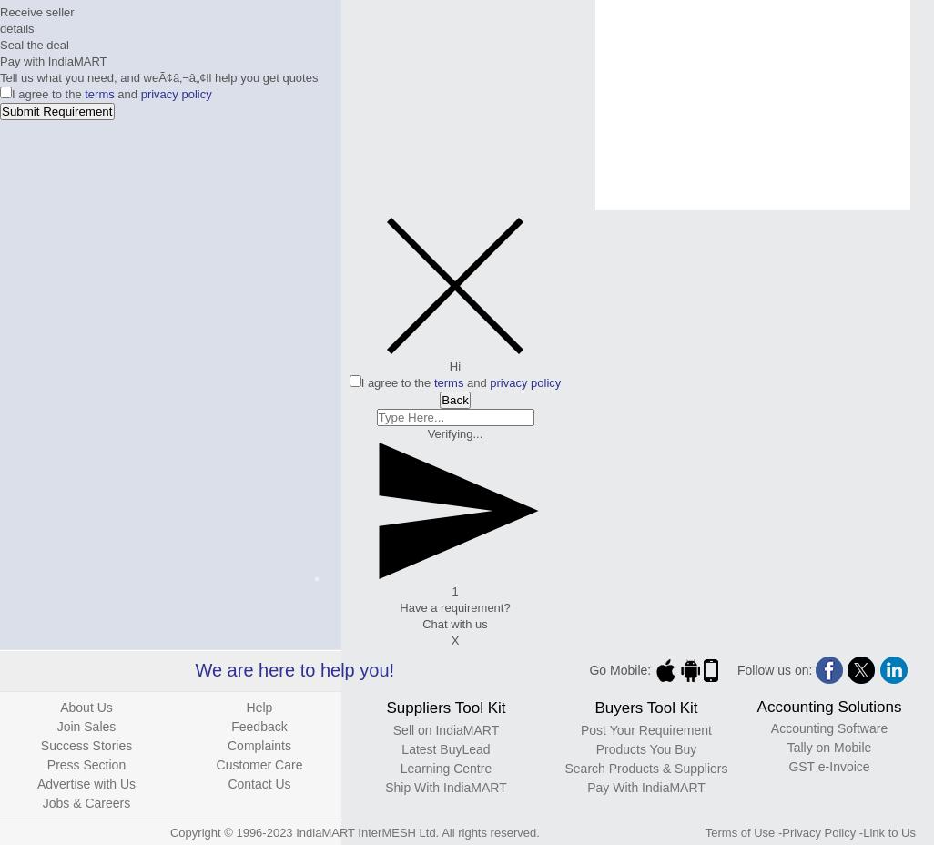  I want to click on 'Follow us on:', so click(776, 668).